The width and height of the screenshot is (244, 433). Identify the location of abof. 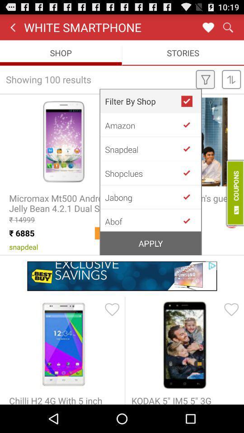
(190, 220).